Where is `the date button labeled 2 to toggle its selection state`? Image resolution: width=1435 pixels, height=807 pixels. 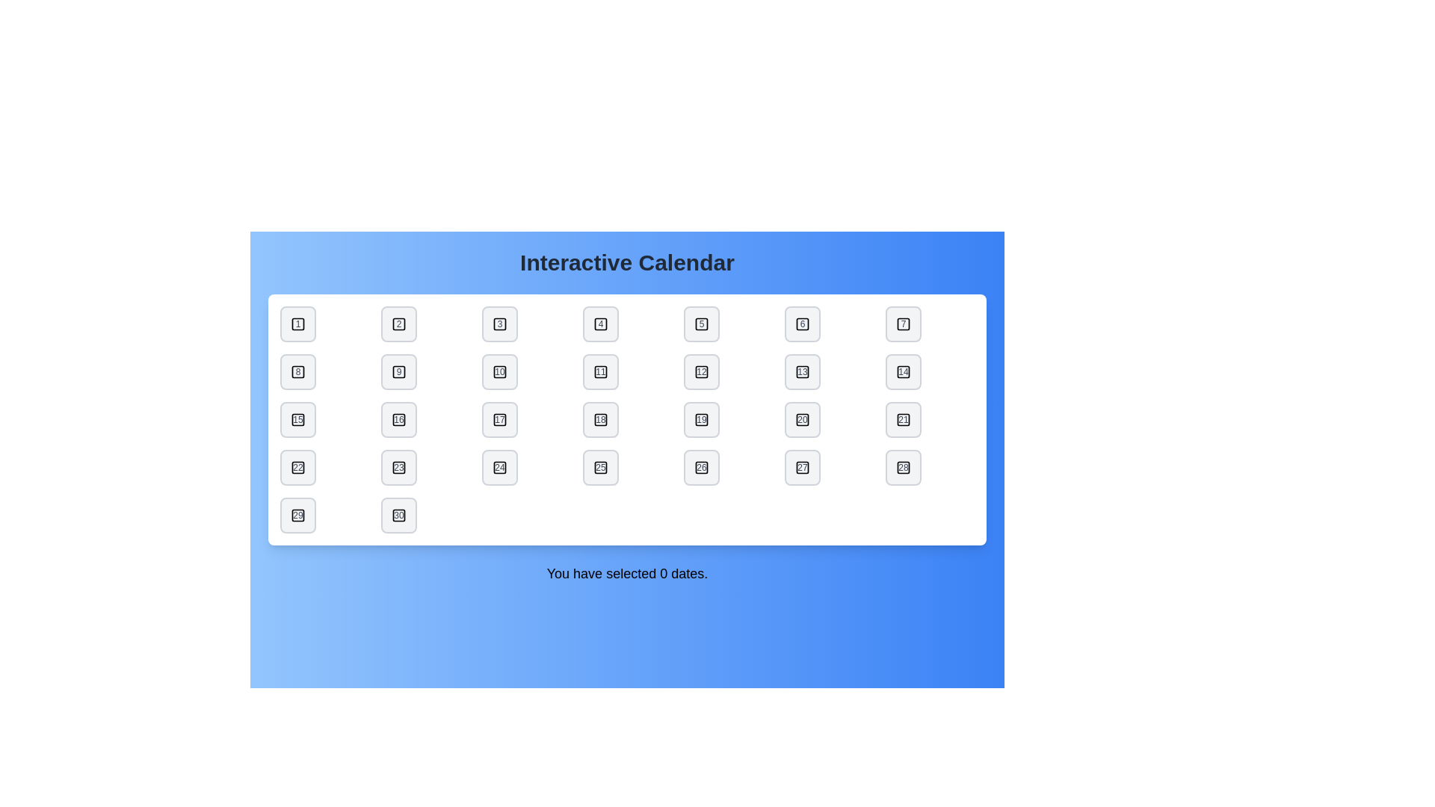
the date button labeled 2 to toggle its selection state is located at coordinates (398, 324).